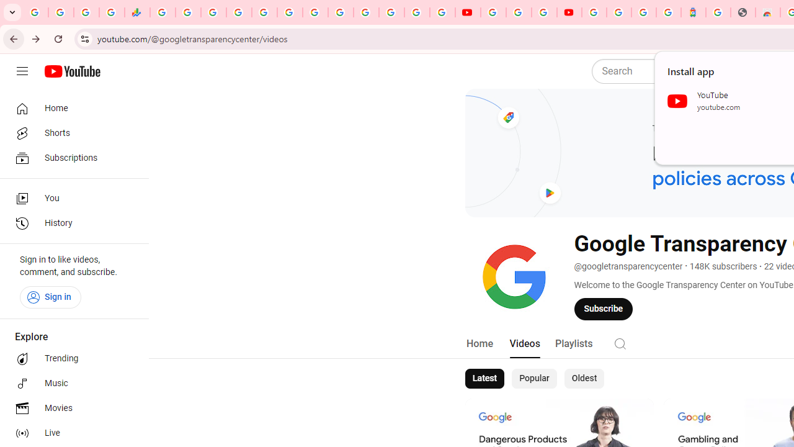 The image size is (794, 447). Describe the element at coordinates (69, 157) in the screenshot. I see `'Subscriptions'` at that location.